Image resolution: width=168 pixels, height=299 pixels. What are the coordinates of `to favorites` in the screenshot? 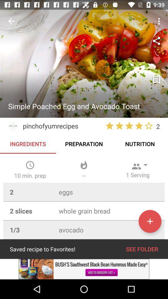 It's located at (156, 60).